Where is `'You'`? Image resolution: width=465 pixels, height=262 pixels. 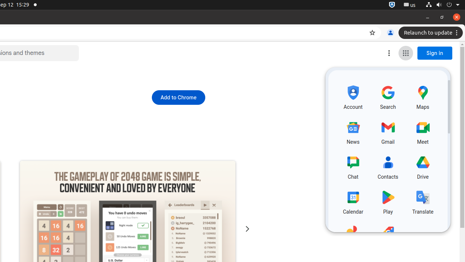
'You' is located at coordinates (390, 33).